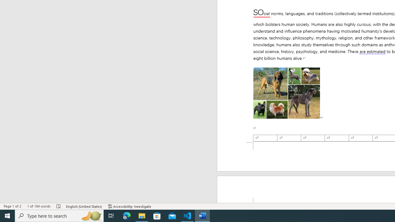 This screenshot has width=395, height=222. Describe the element at coordinates (12, 206) in the screenshot. I see `'Page Number Page 1 of 2'` at that location.